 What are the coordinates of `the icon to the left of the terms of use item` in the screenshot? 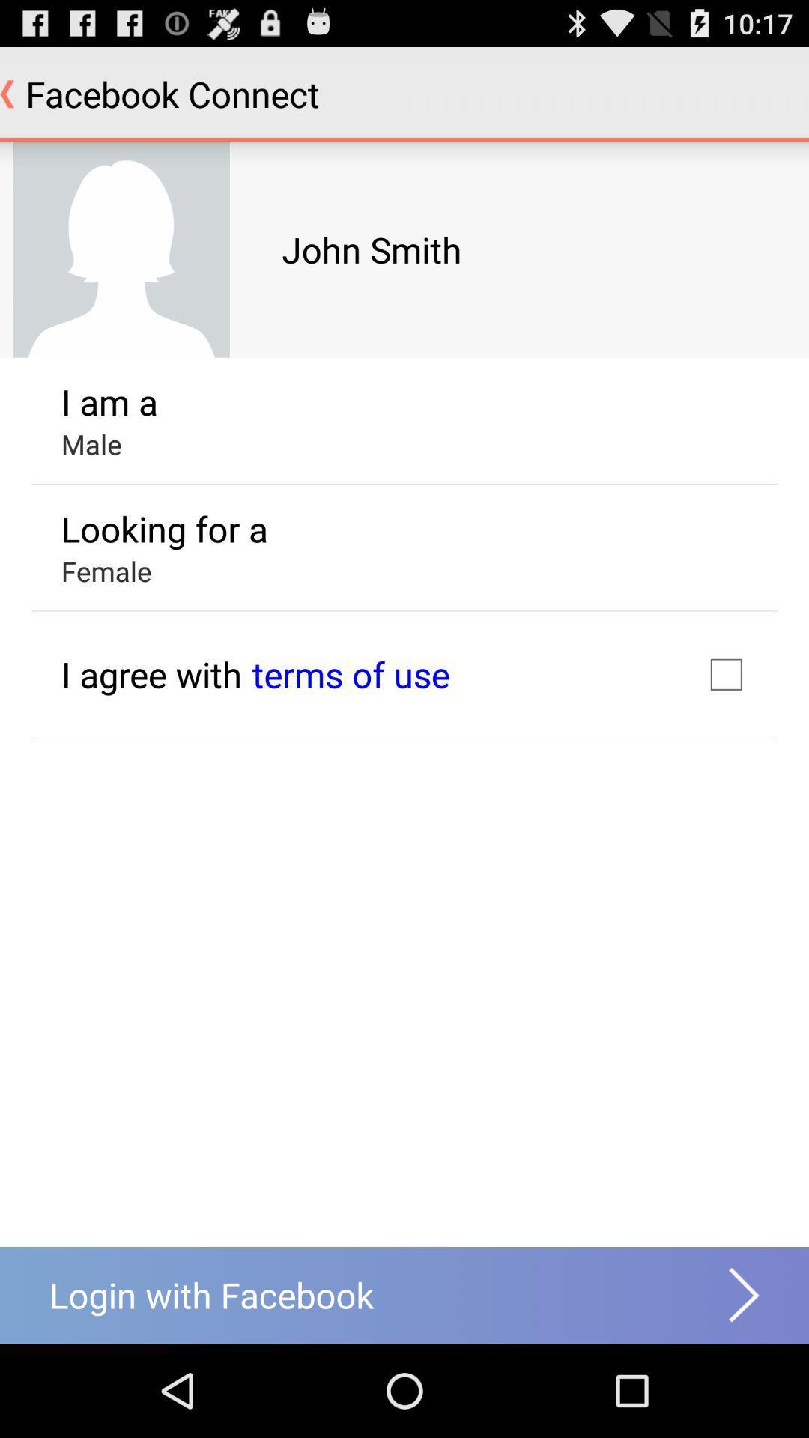 It's located at (151, 673).